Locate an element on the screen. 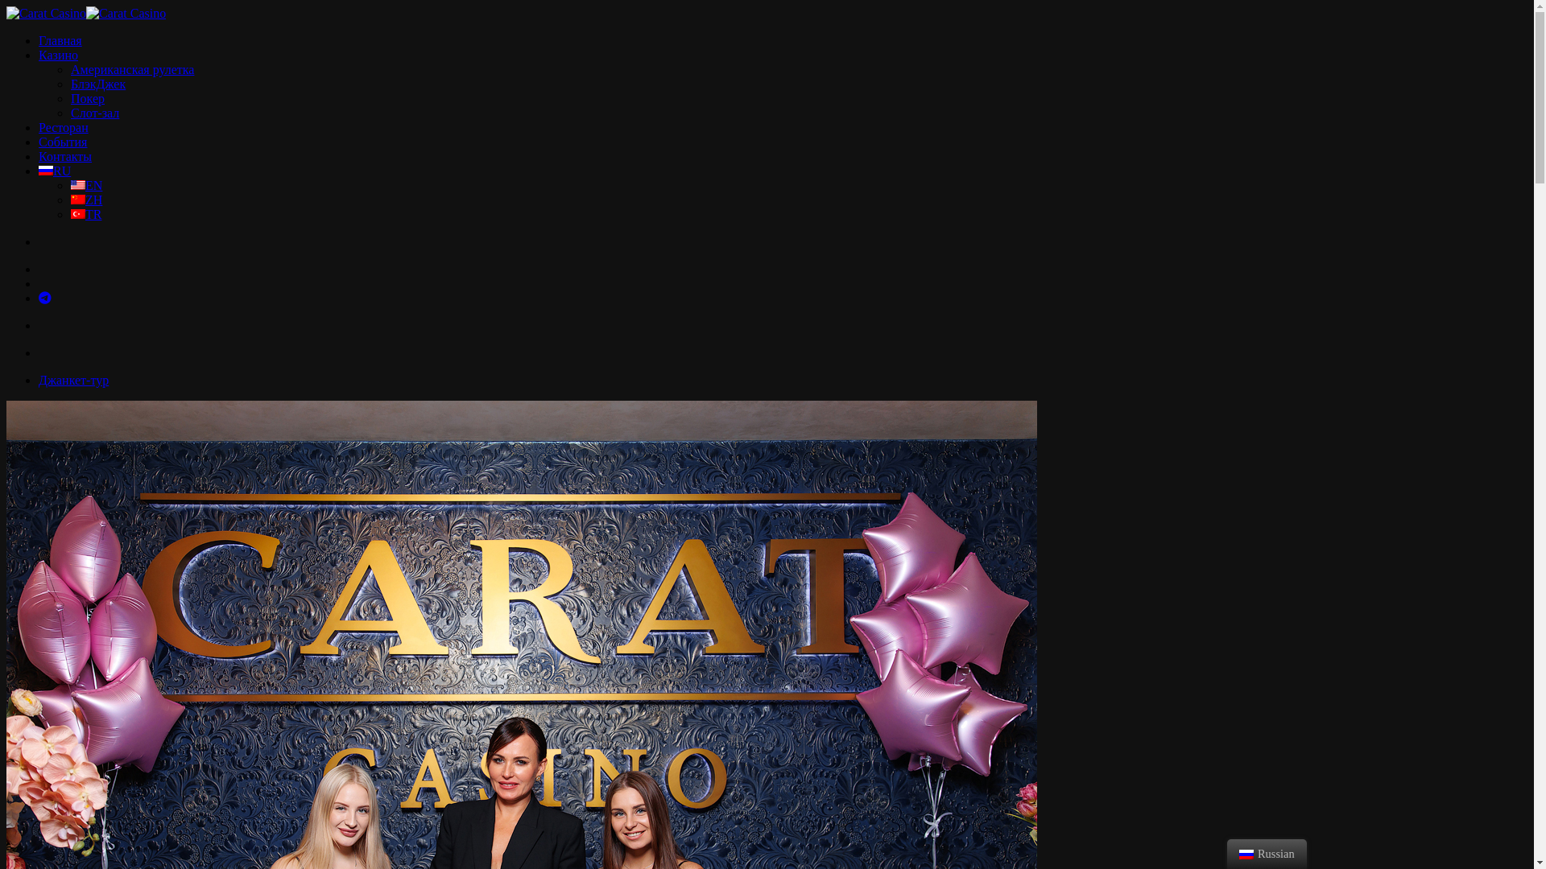  'Russian' is located at coordinates (1245, 853).